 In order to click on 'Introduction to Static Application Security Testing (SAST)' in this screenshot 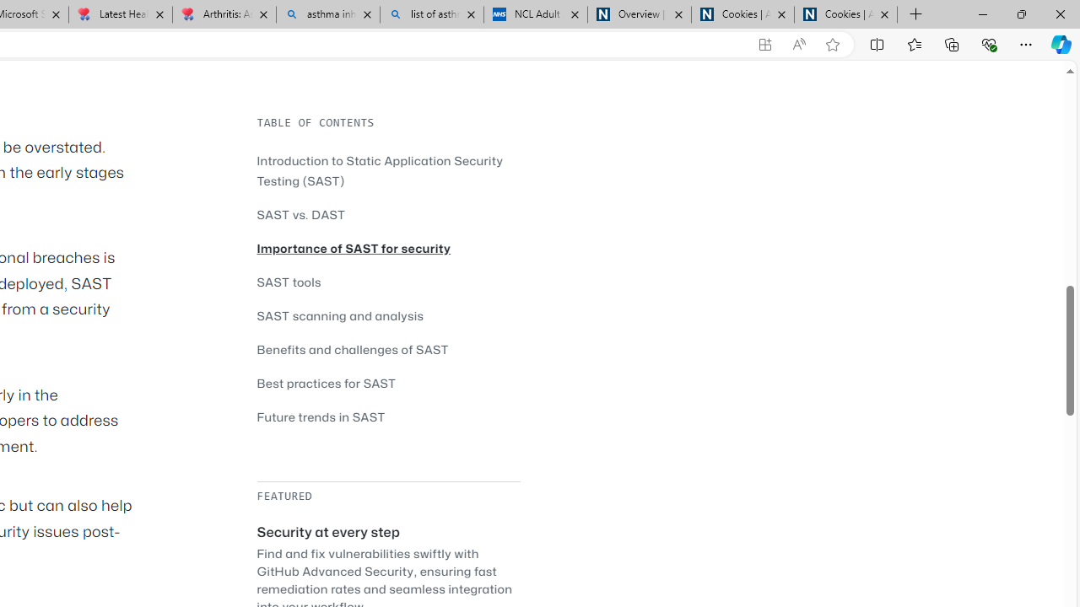, I will do `click(387, 170)`.